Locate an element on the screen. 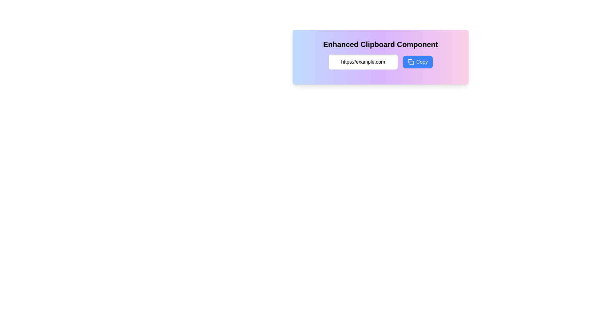 The width and height of the screenshot is (590, 332). the read-only text input box displaying 'https://example.com' located in the 'Enhanced Clipboard Component' interface is located at coordinates (380, 62).